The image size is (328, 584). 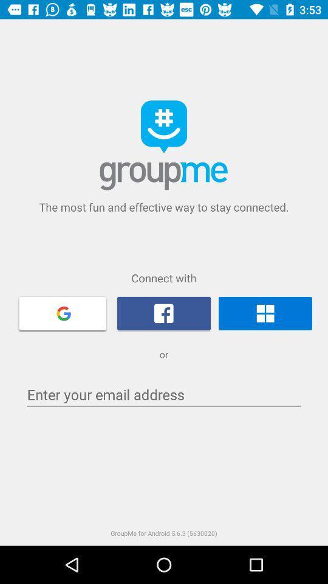 I want to click on connect with windows, so click(x=264, y=313).